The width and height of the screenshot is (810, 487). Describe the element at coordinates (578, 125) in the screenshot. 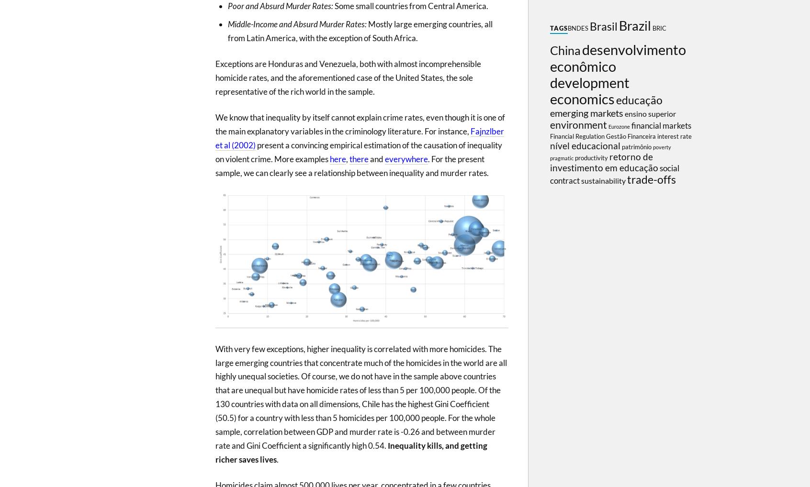

I see `'environment'` at that location.